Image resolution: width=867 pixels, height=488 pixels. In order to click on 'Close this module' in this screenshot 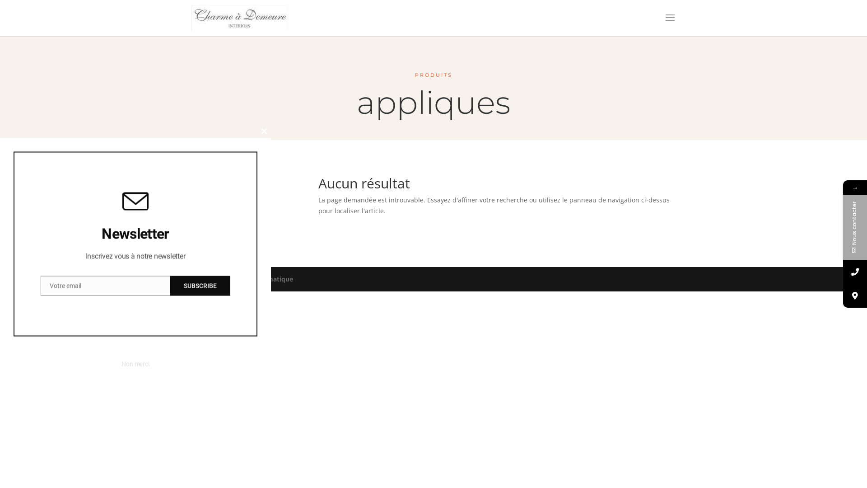, I will do `click(257, 131)`.